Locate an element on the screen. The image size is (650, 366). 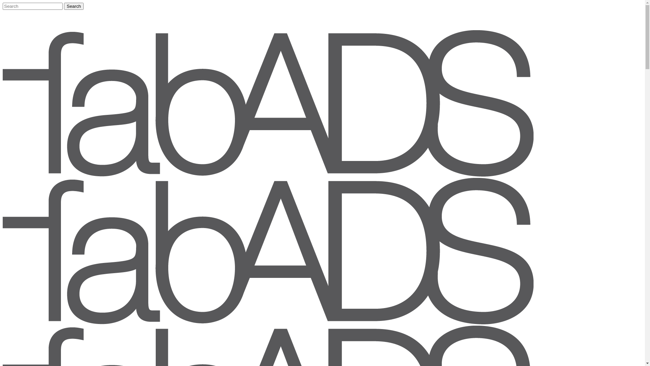
'info@fabads.com.au' is located at coordinates (22, 12).